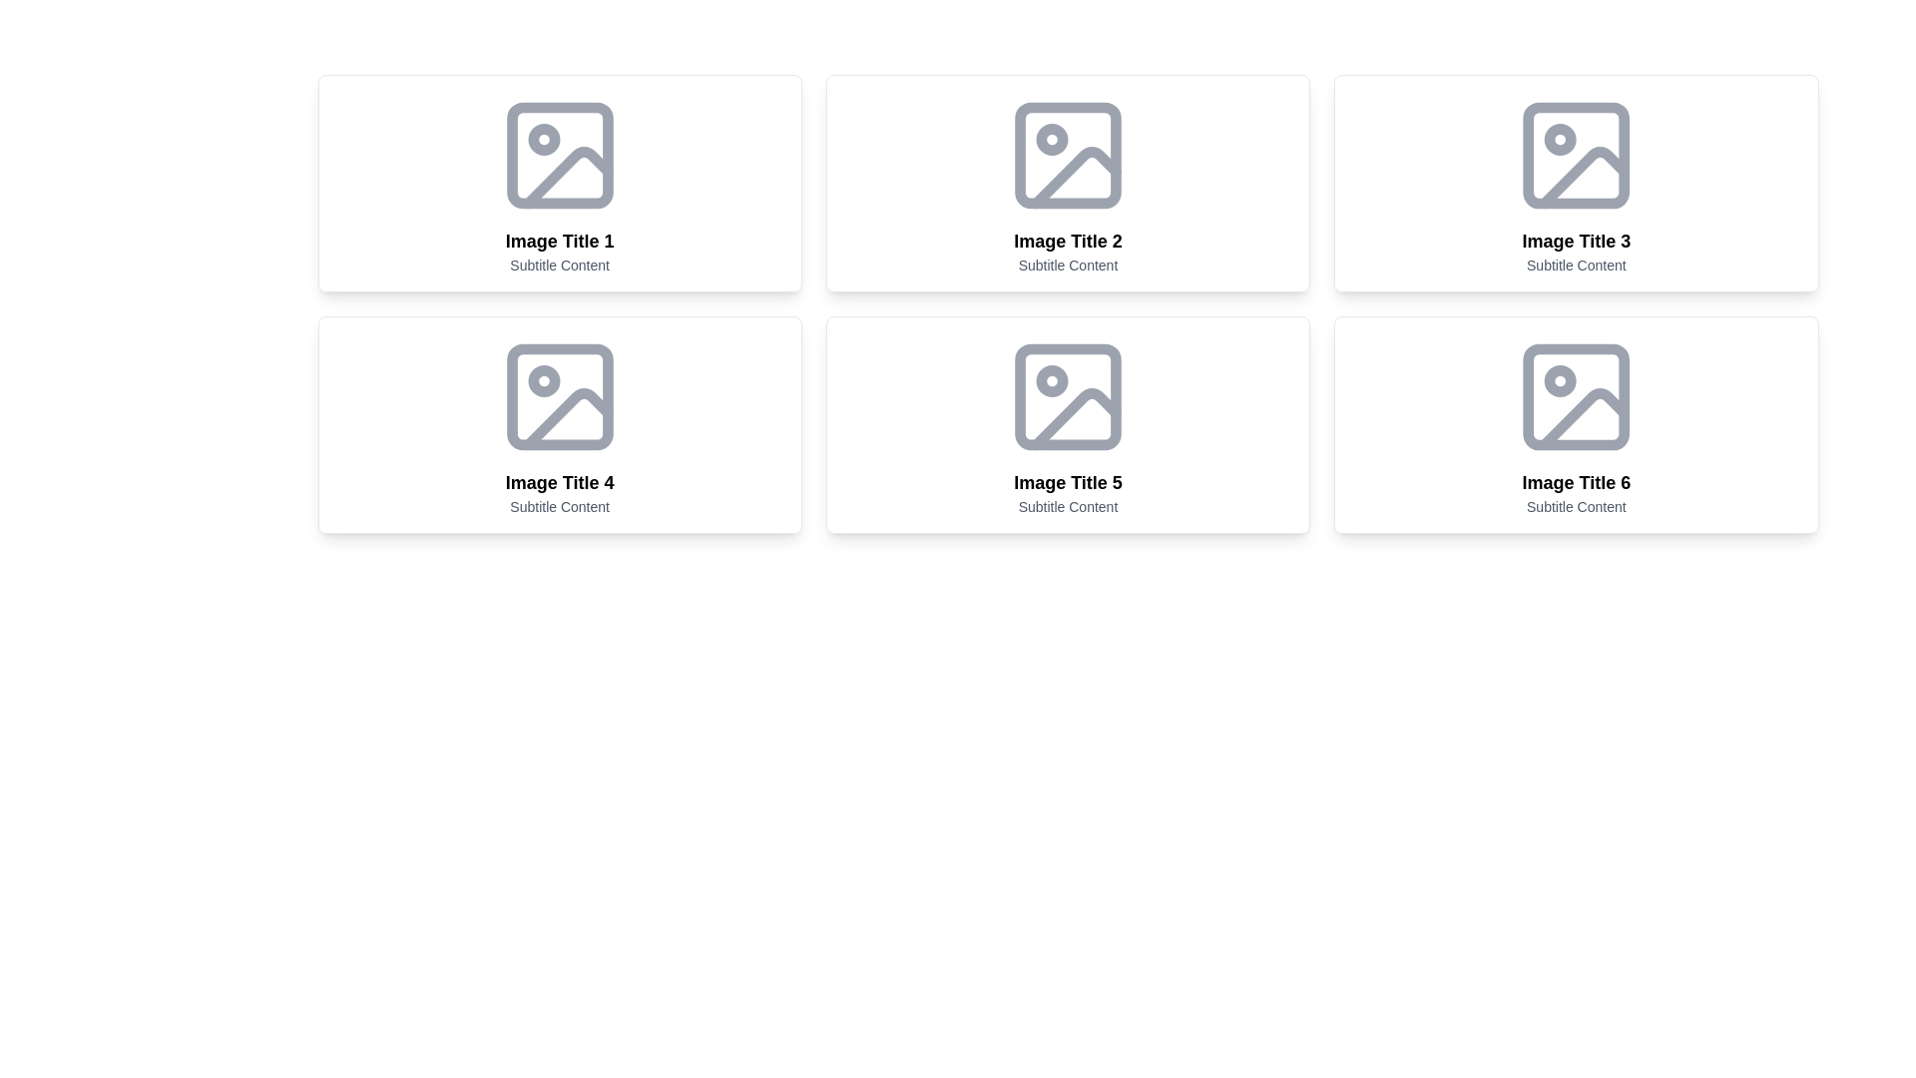  Describe the element at coordinates (1067, 154) in the screenshot. I see `the SVG image placeholder located at the top center of the card labeled 'Image Title 2', which features a prominent circle and a diagonal line, indicating an image placeholder` at that location.